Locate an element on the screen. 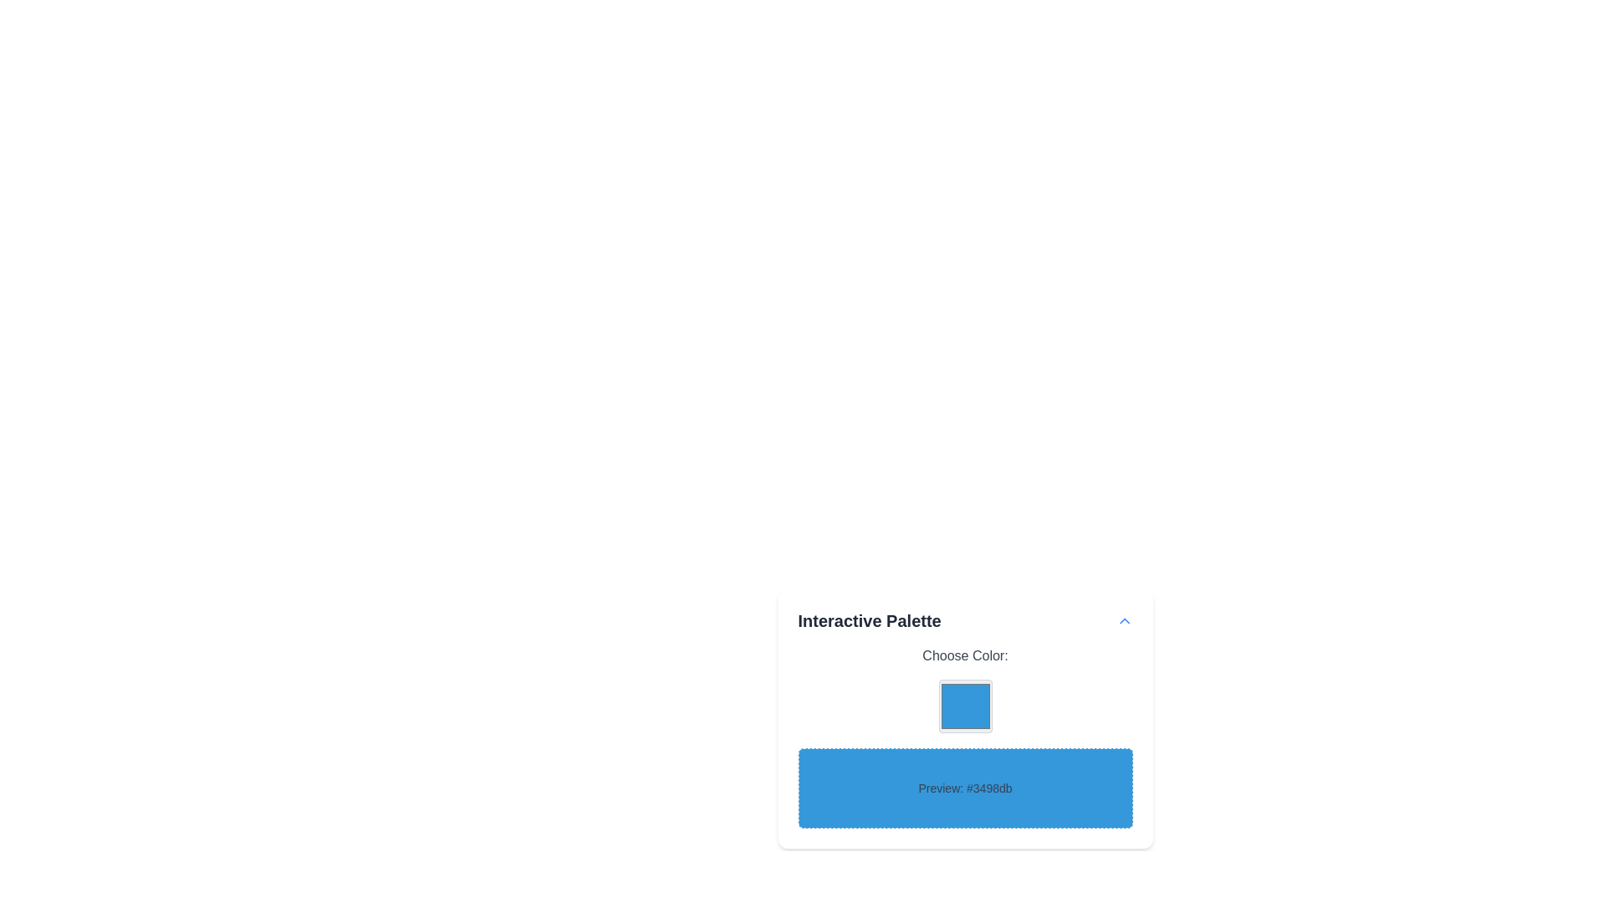 The width and height of the screenshot is (1607, 904). the text label displaying 'Choose Color:' which is styled with a subtle gray color and is centered above the color picker and preview box is located at coordinates (965, 655).